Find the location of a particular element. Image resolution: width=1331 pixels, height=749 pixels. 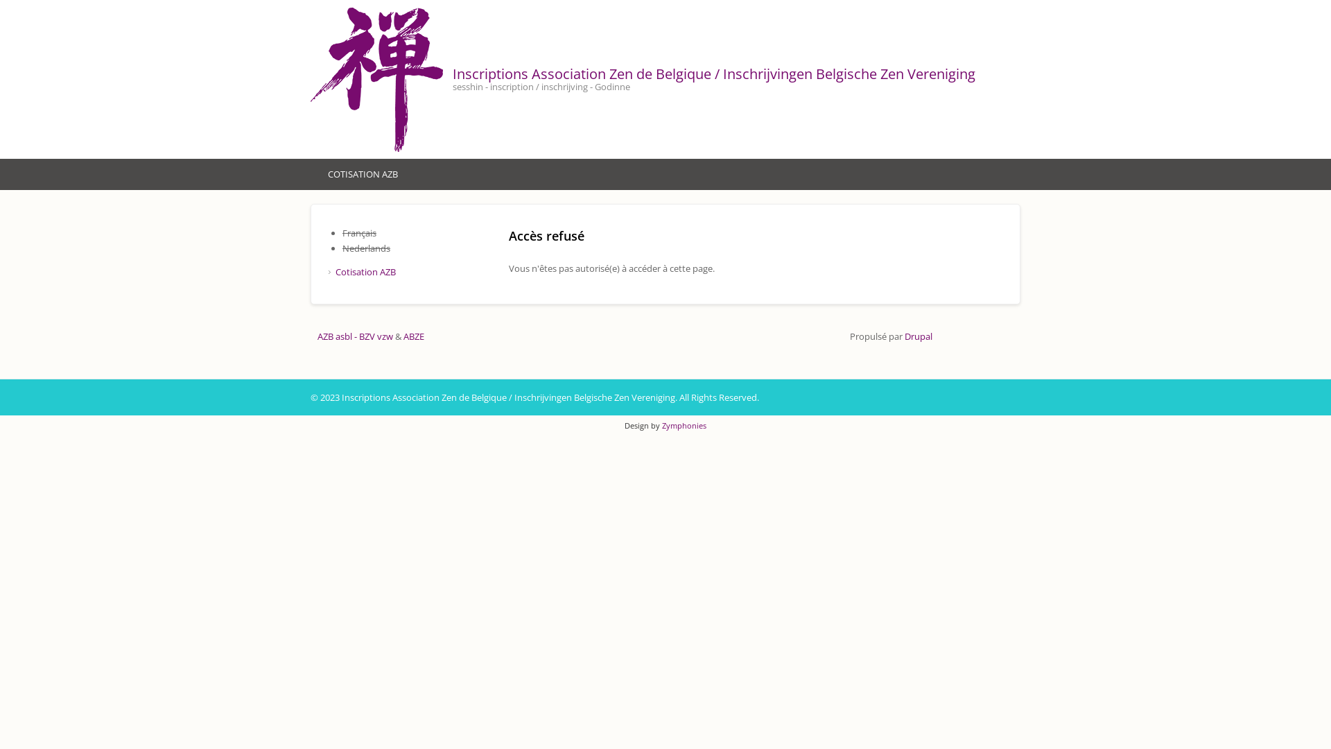

'Drupal' is located at coordinates (918, 336).